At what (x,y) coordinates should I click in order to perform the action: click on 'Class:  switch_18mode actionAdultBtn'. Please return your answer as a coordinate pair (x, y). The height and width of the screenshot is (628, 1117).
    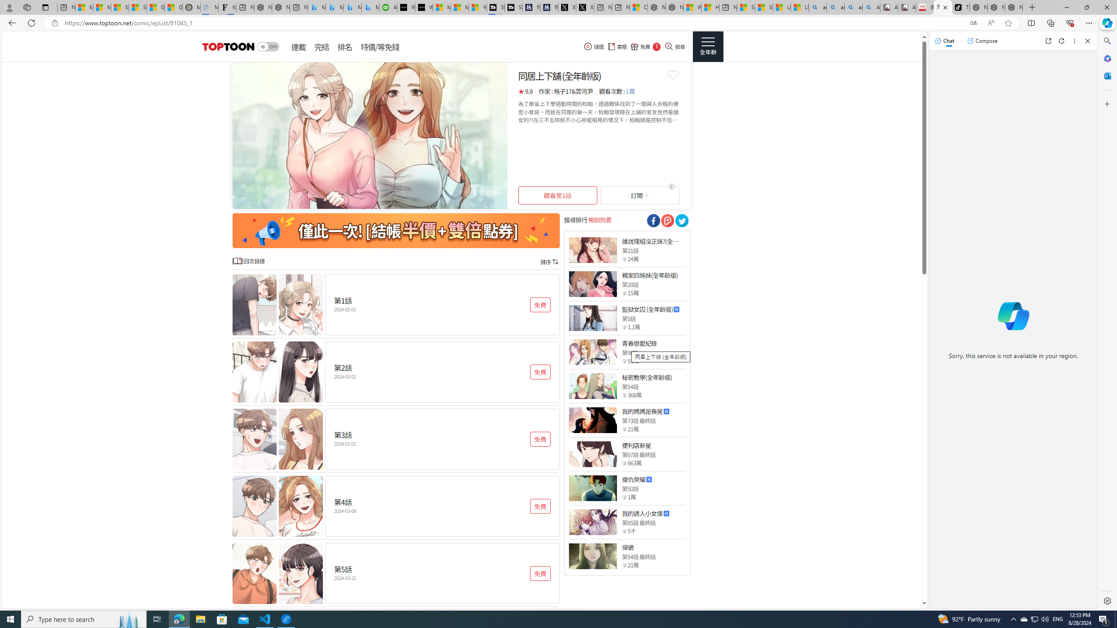
    Looking at the image, I should click on (267, 47).